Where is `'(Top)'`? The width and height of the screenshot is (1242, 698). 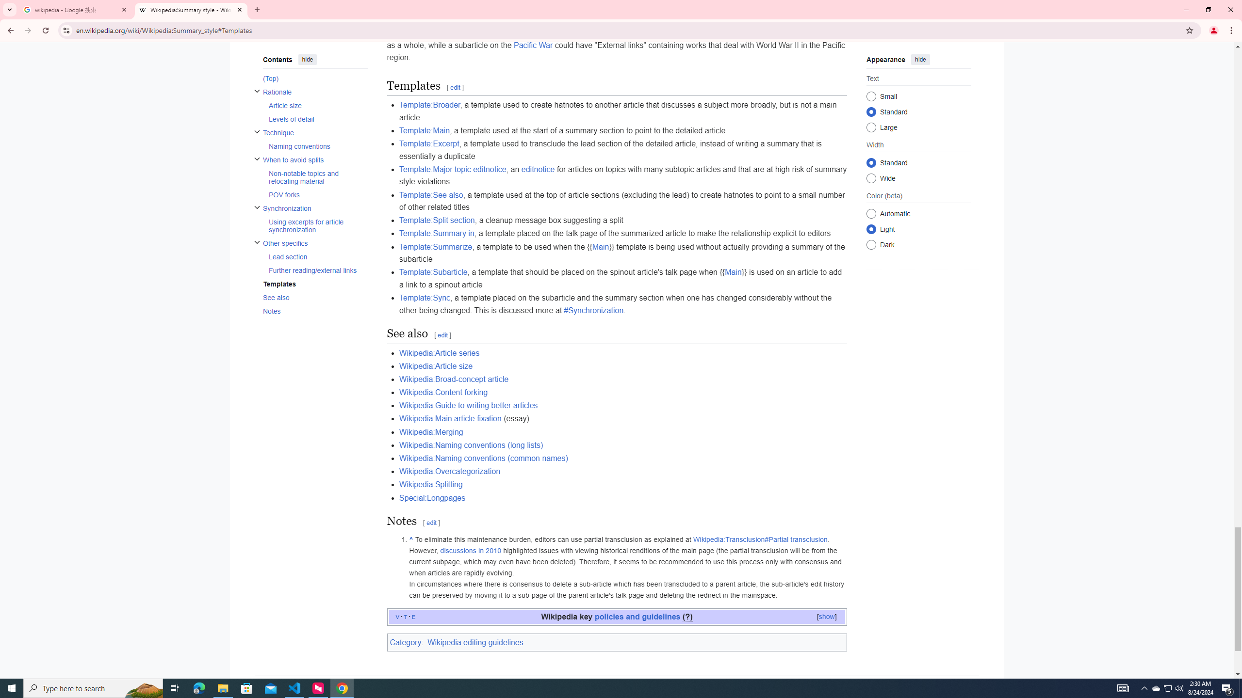 '(Top)' is located at coordinates (314, 78).